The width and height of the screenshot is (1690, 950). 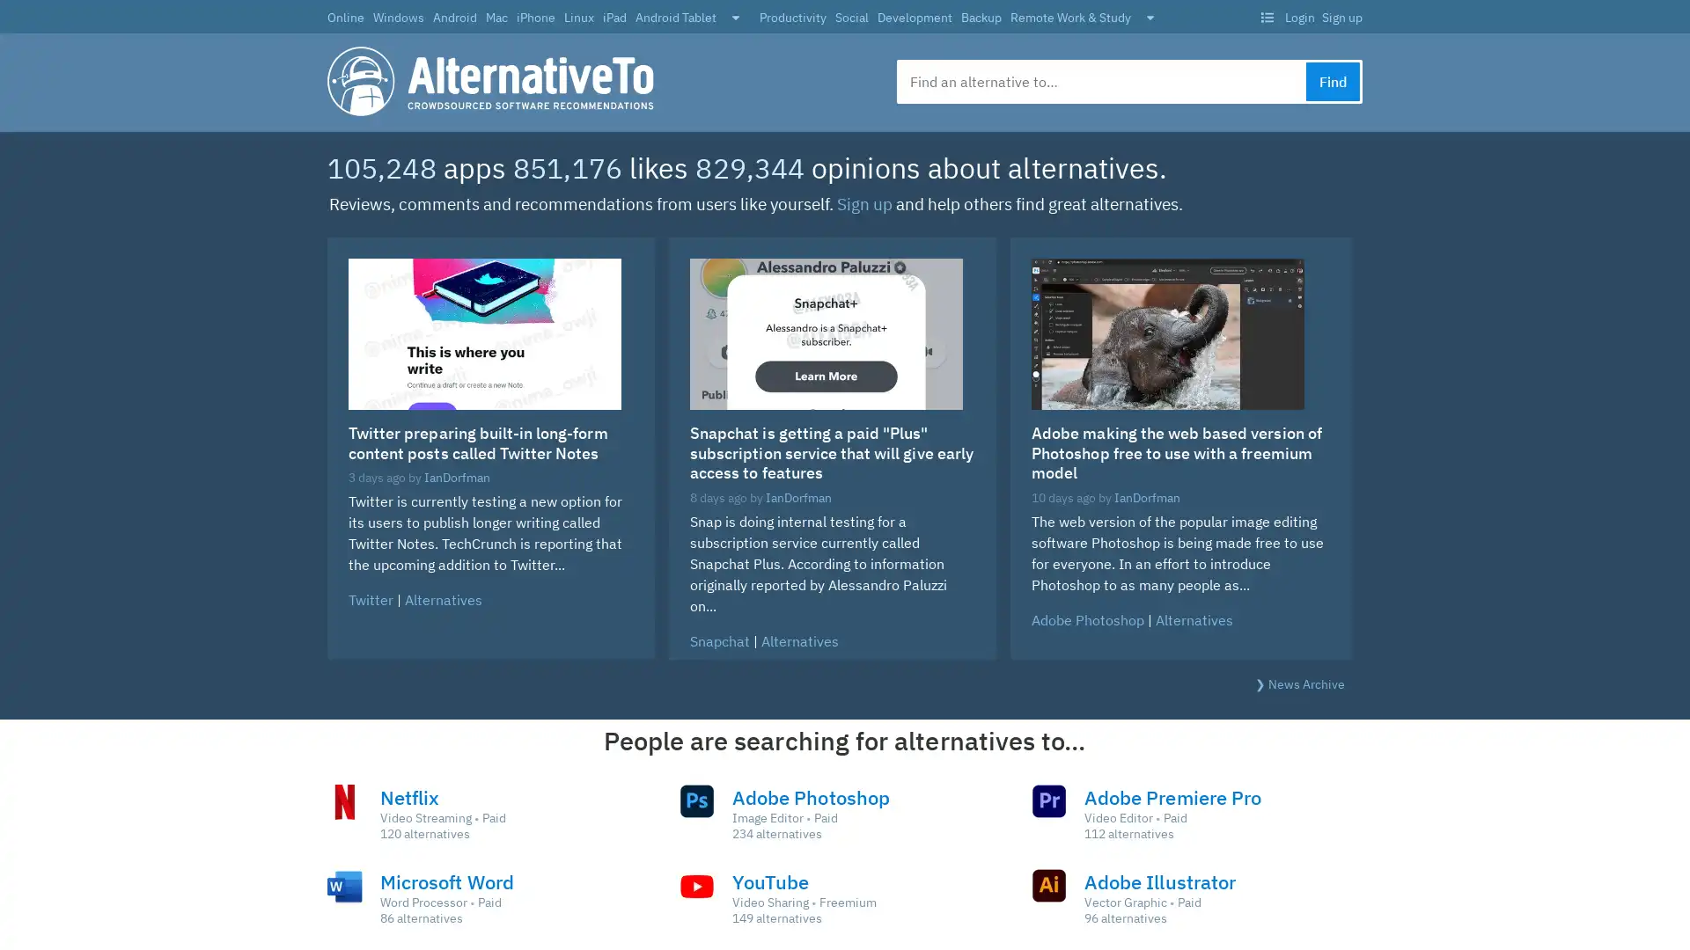 I want to click on Show Custom Lists, so click(x=1266, y=18).